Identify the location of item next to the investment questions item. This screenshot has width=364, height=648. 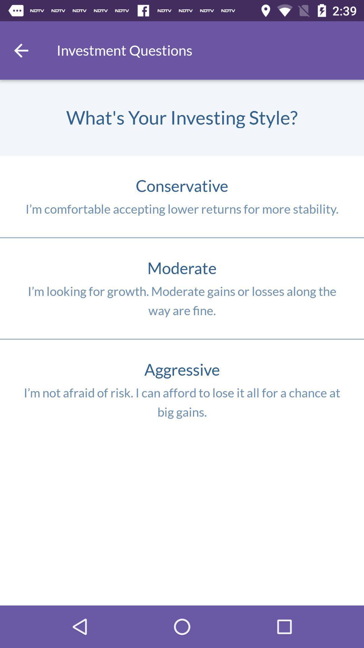
(21, 50).